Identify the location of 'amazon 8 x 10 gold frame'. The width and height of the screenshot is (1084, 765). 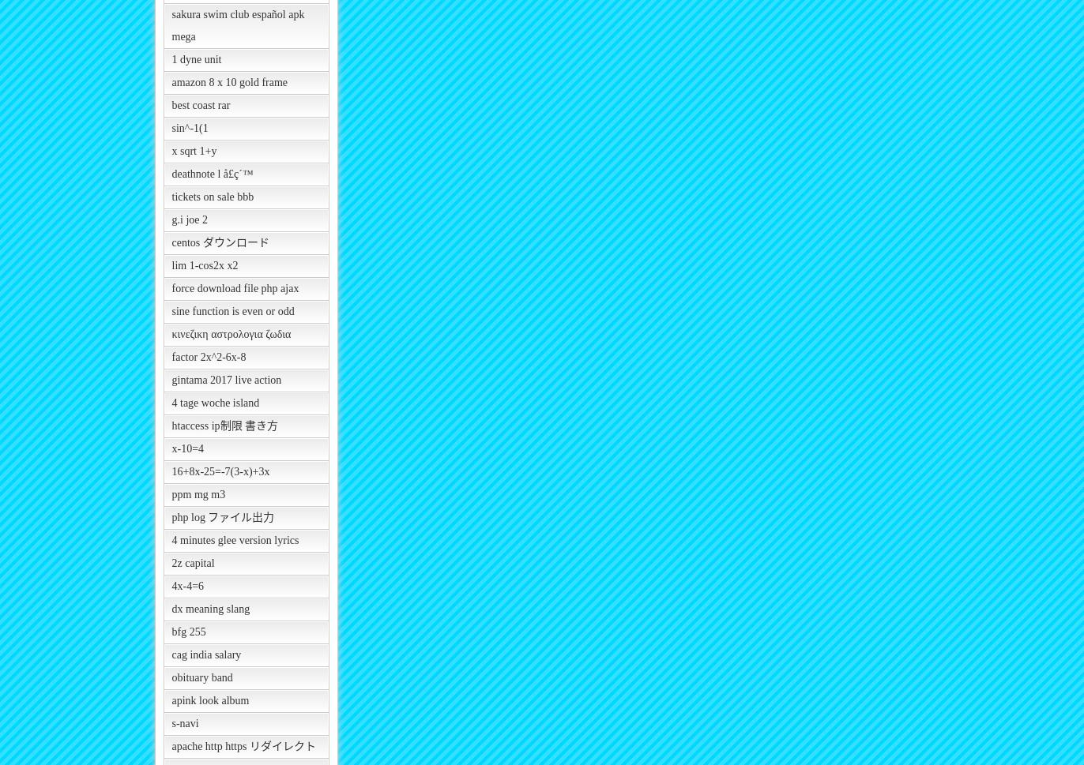
(229, 82).